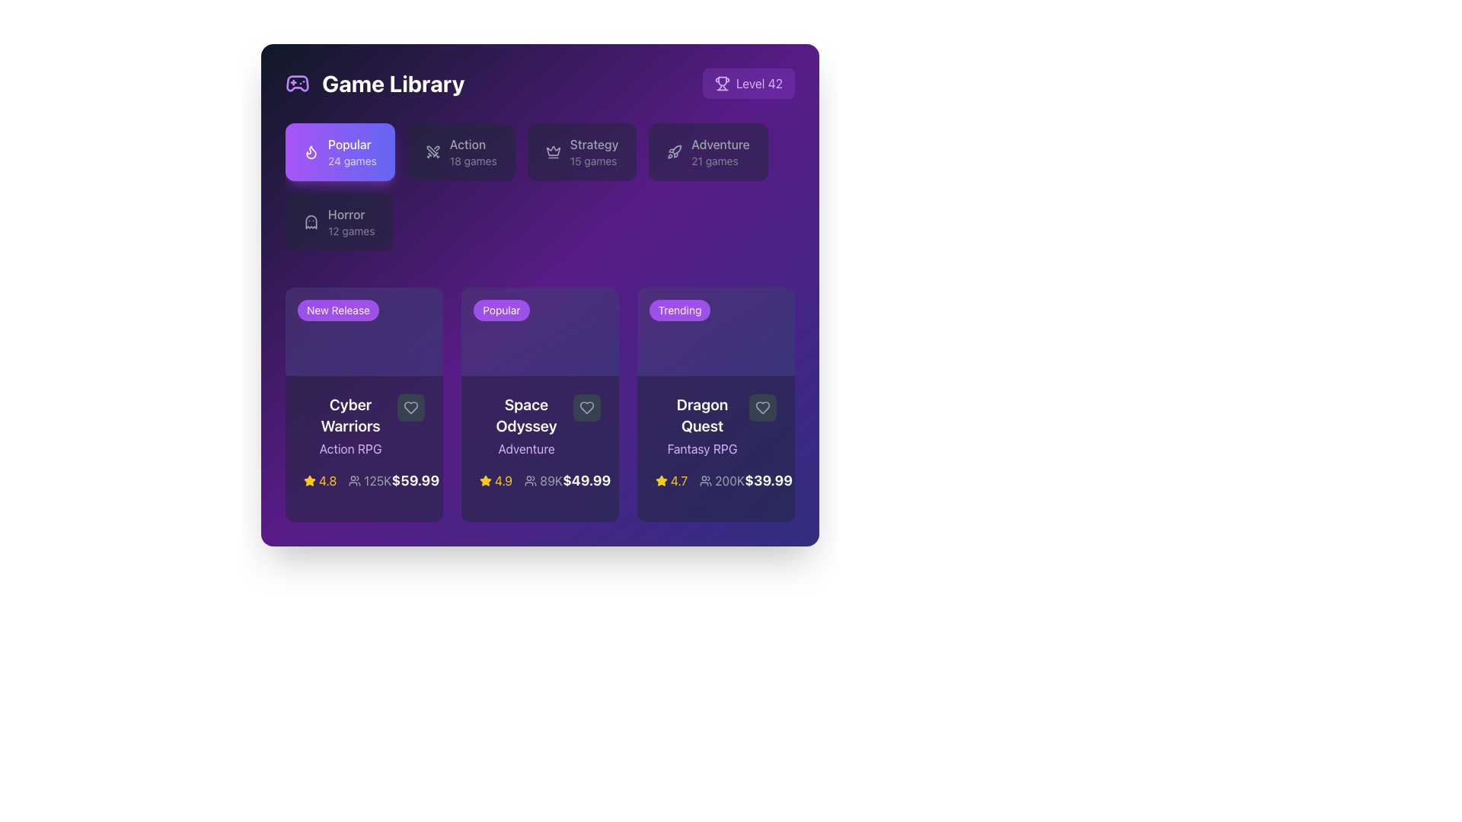 This screenshot has height=822, width=1462. I want to click on the Headline element that indicates the user's current view, featuring an icon related to gaming, positioned in the upper-left section of the interface, so click(375, 84).